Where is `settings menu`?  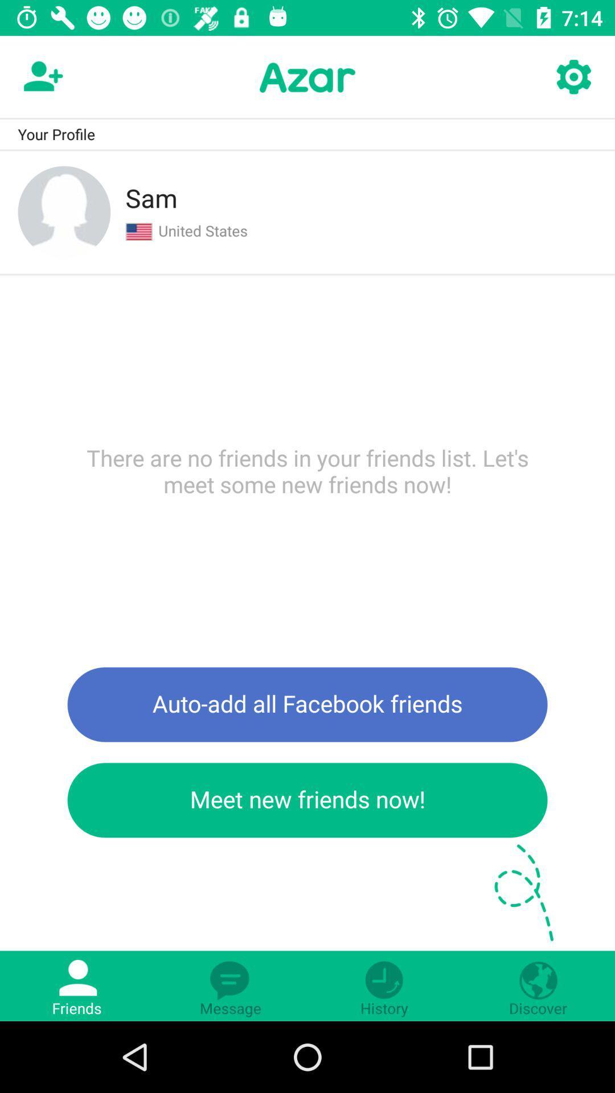 settings menu is located at coordinates (573, 77).